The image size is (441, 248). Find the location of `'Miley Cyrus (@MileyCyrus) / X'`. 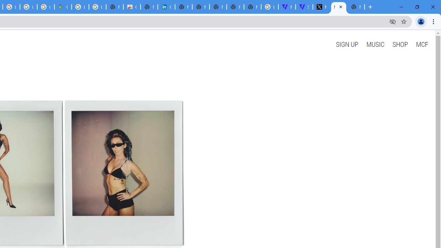

'Miley Cyrus (@MileyCyrus) / X' is located at coordinates (321, 7).